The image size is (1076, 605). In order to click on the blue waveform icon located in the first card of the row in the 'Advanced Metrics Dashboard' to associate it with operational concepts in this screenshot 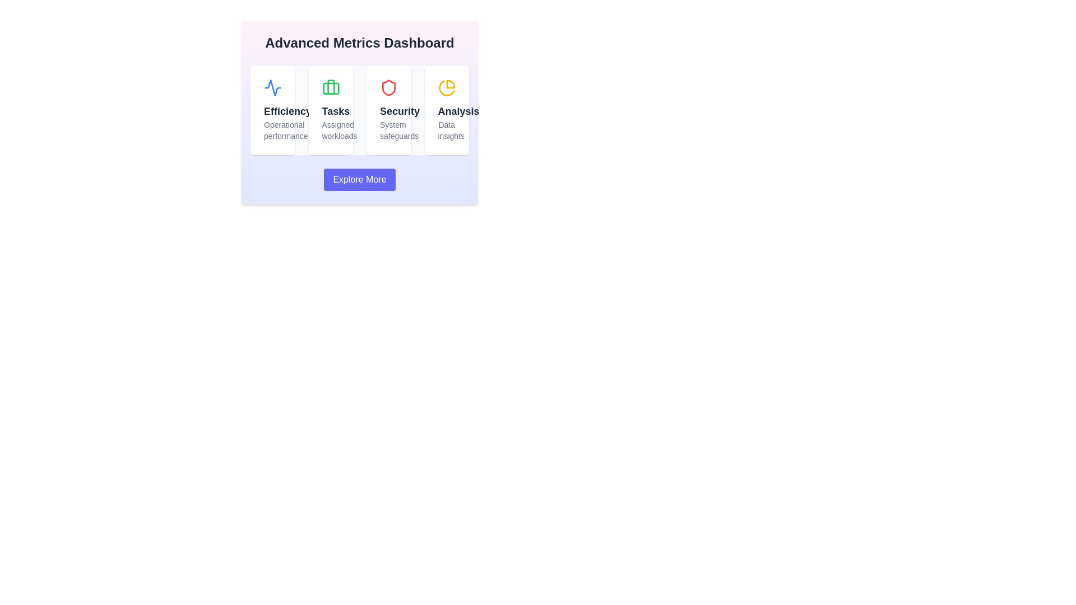, I will do `click(272, 87)`.